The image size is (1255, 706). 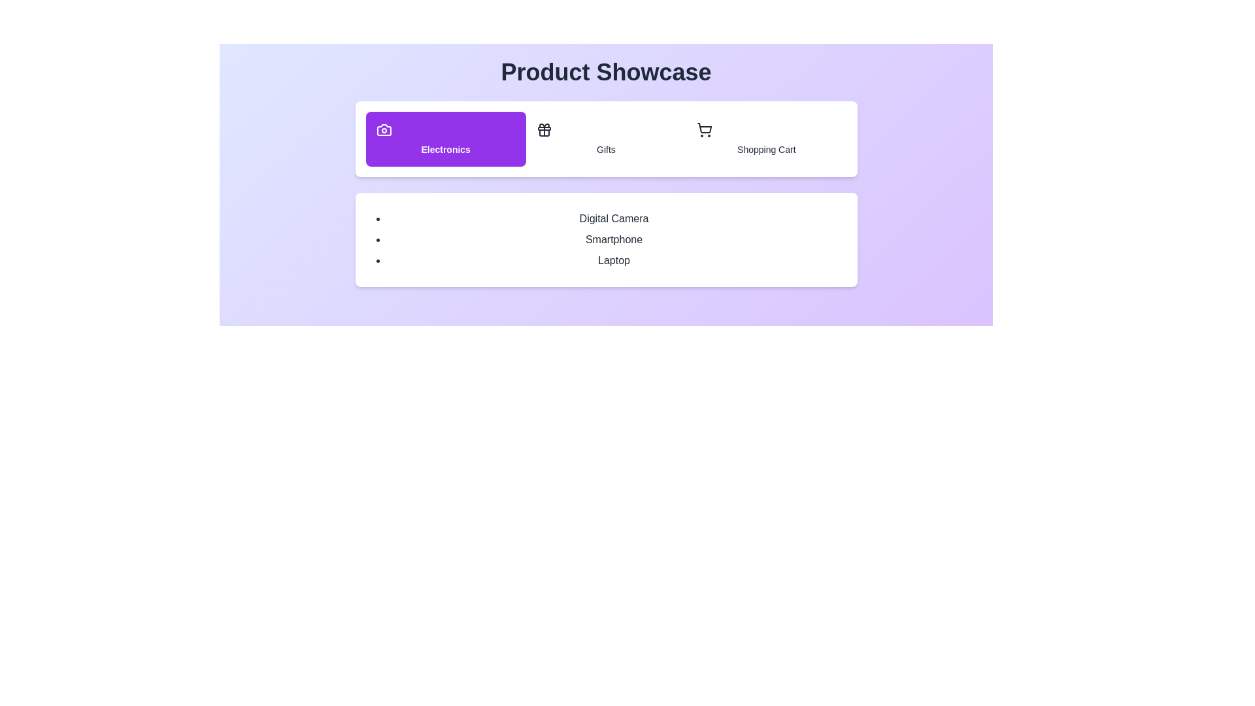 What do you see at coordinates (383, 130) in the screenshot?
I see `the SVG Icon that represents the 'Electronics' category, located within the first button of the selection bar under 'Product Showcase.'` at bounding box center [383, 130].